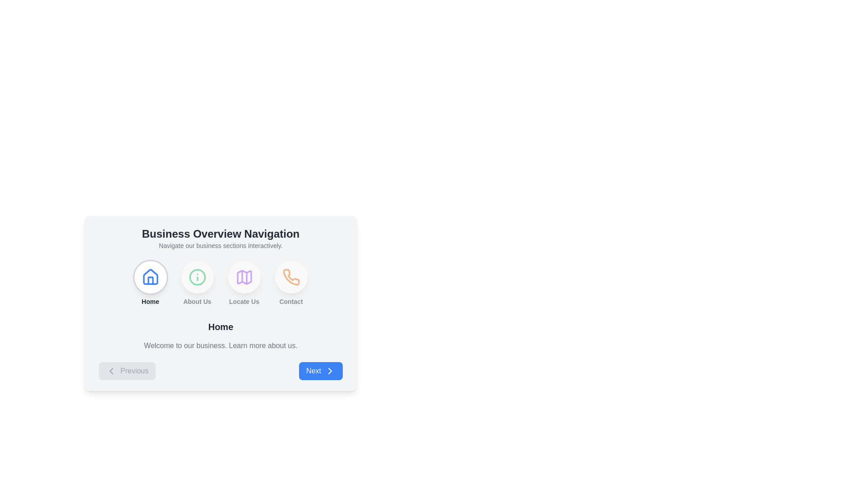 This screenshot has width=866, height=487. What do you see at coordinates (291, 301) in the screenshot?
I see `the 'Contact' label, which is the last label in the navigation section, positioned beneath the orange phone icon` at bounding box center [291, 301].